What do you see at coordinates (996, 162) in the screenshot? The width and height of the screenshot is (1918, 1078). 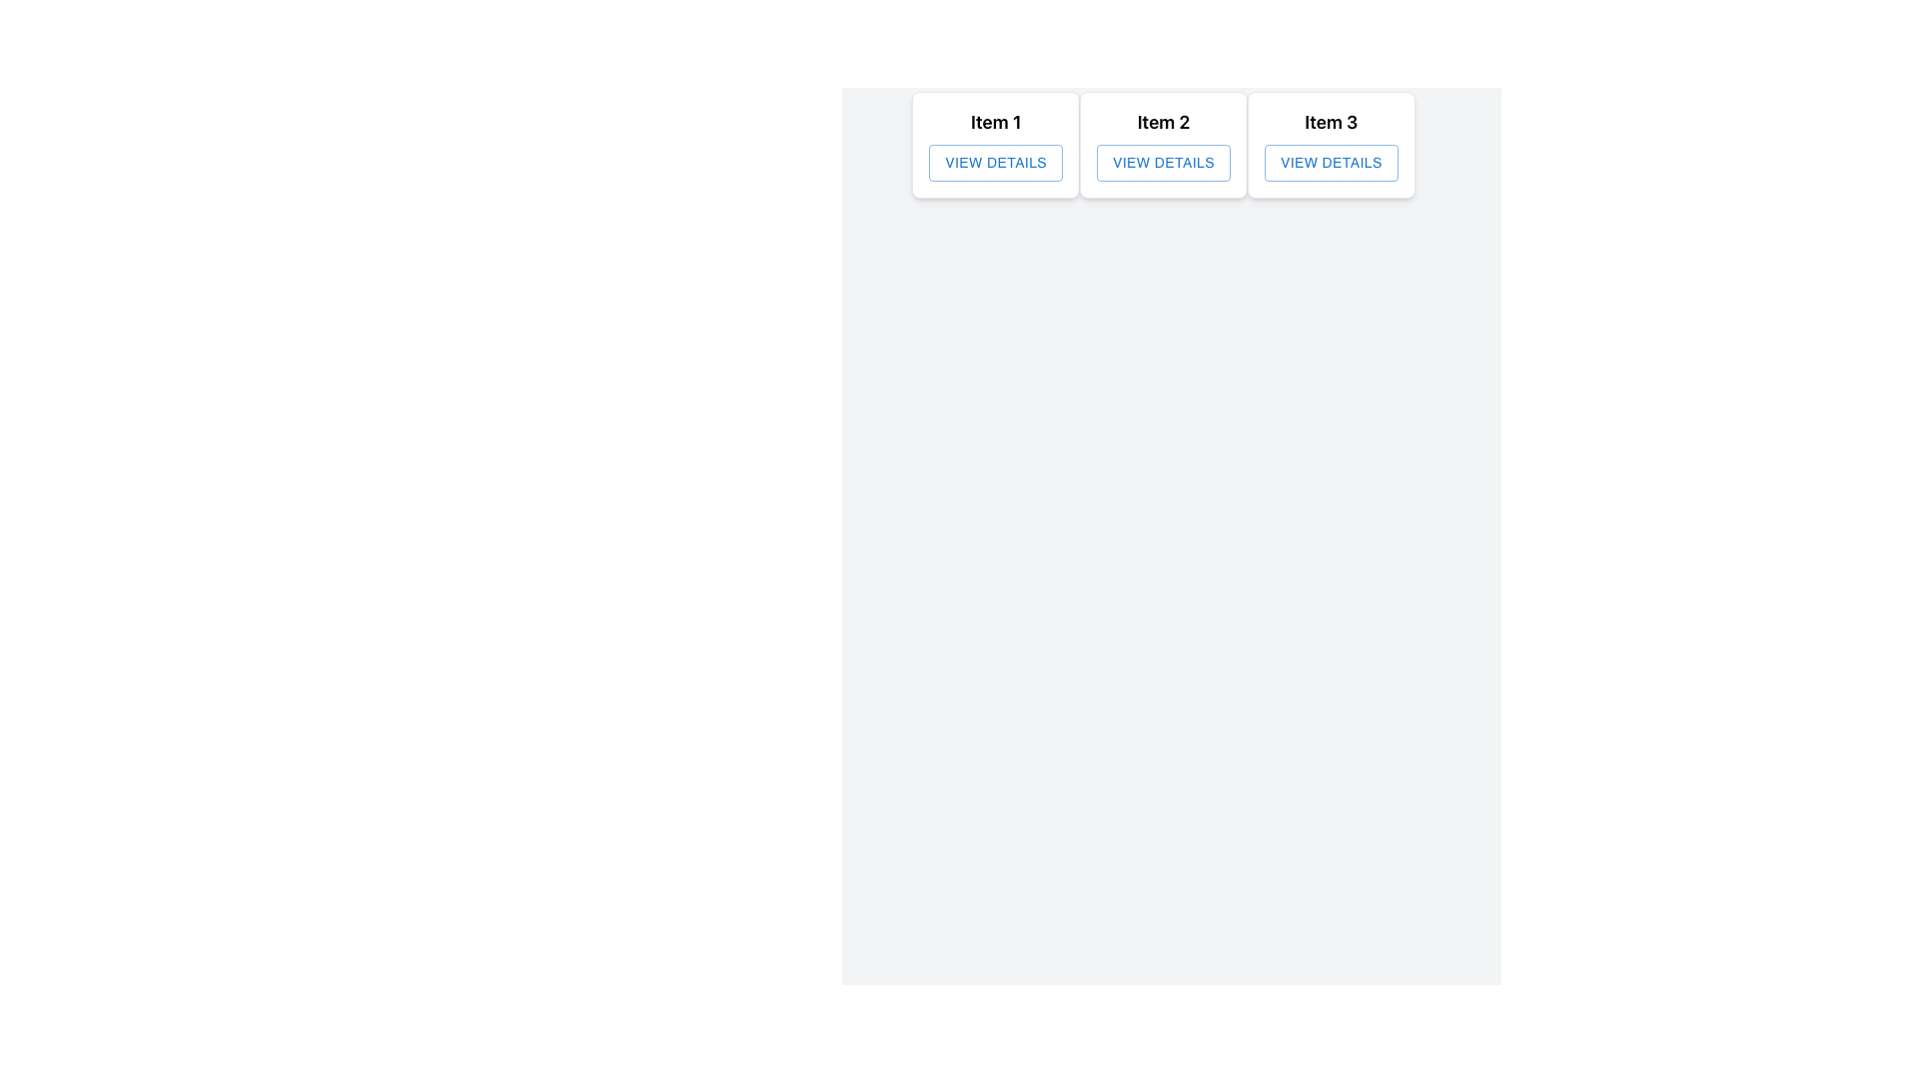 I see `the rectangular button labeled 'View Details' with a blue text and primary color outline, located below 'Item 1' in the grid` at bounding box center [996, 162].